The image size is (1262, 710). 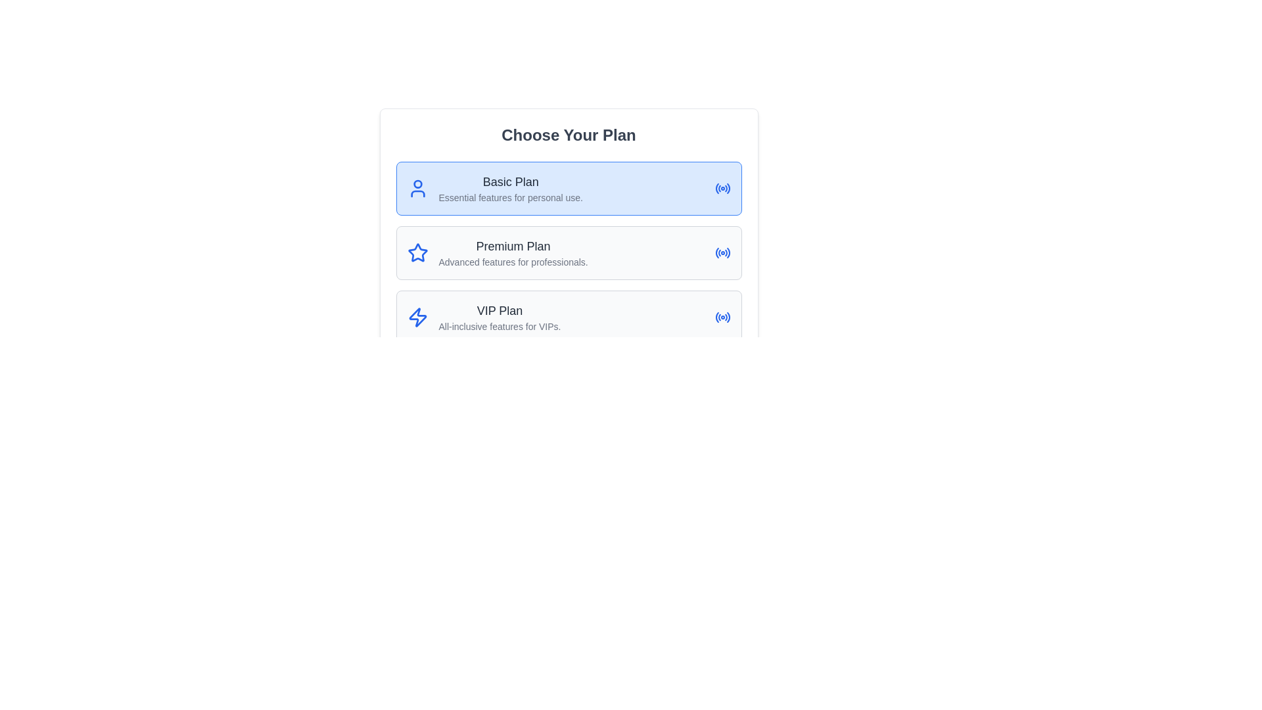 What do you see at coordinates (417, 193) in the screenshot?
I see `the decorative vector graphic part of the SVG icon representing a user in the 'Basic Plan' selection` at bounding box center [417, 193].